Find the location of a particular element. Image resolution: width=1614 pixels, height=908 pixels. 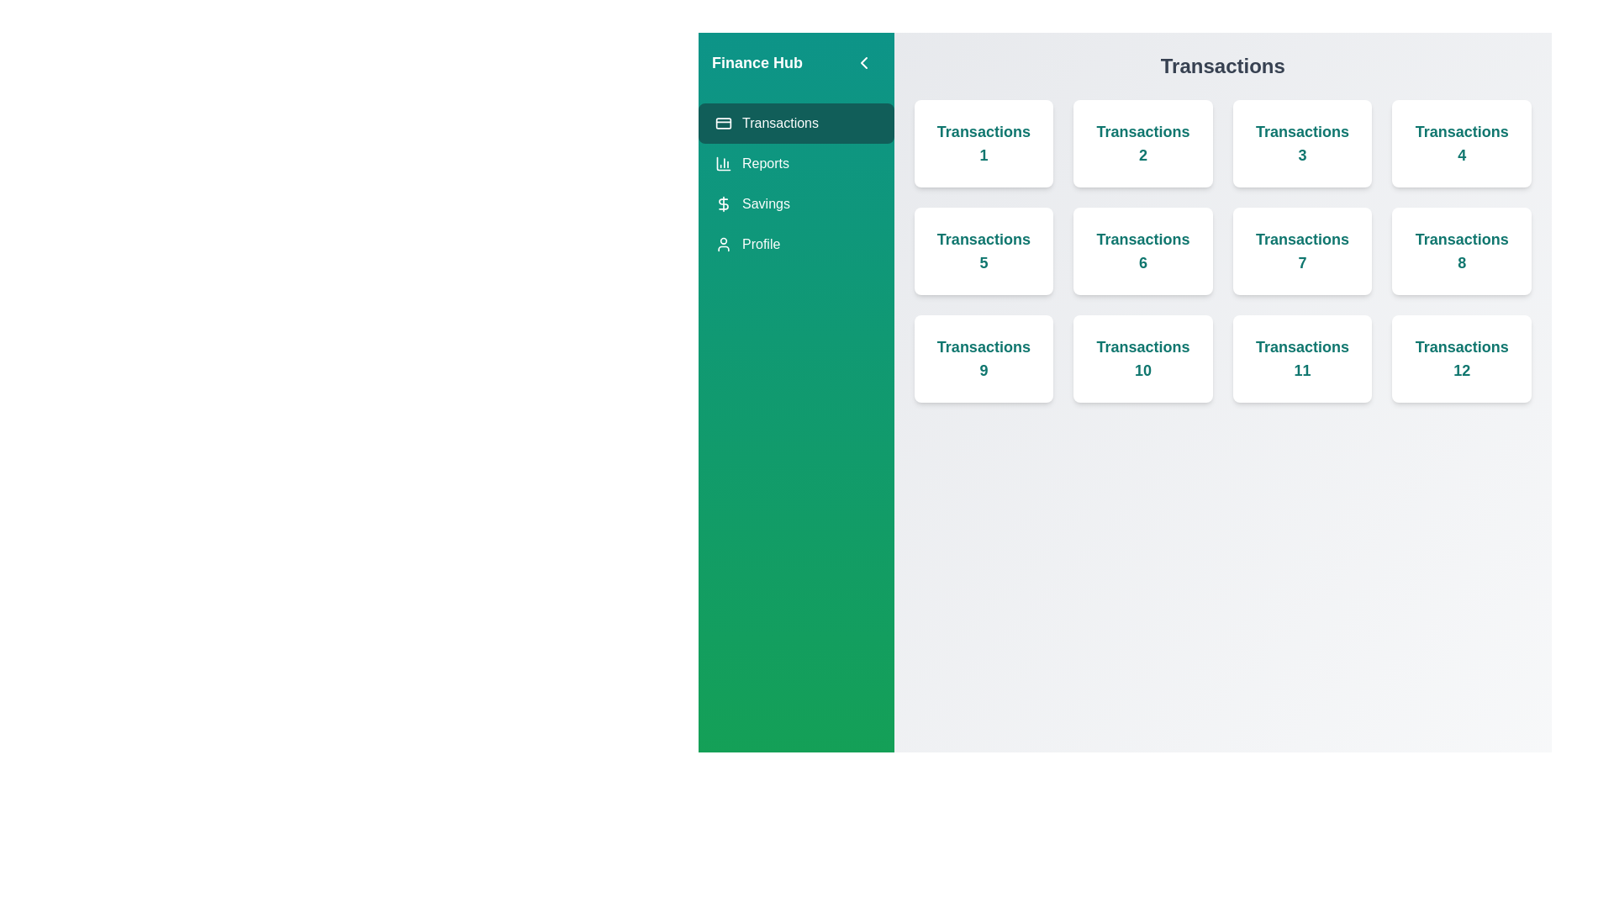

the sidebar header element Savings is located at coordinates (795, 203).